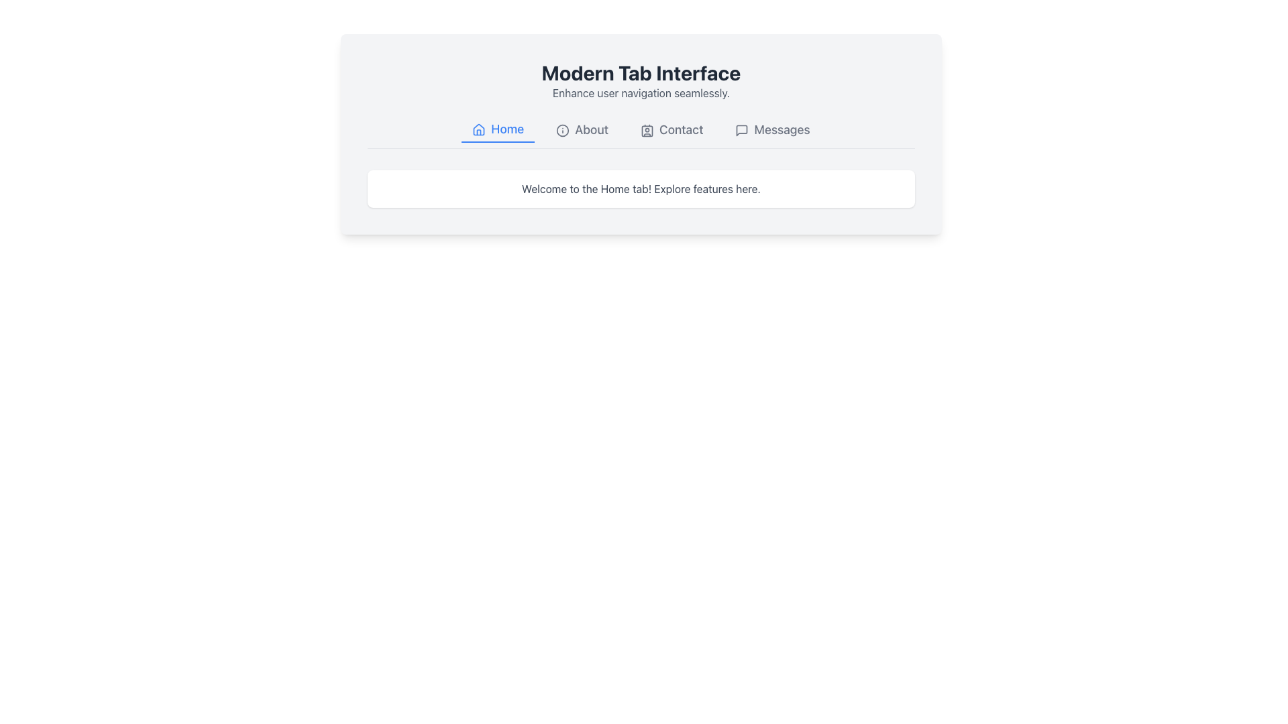 The height and width of the screenshot is (724, 1288). I want to click on the sleek, minimalistic gray speech bubble-shaped icon located immediately to the left of the 'Messages' text in the navigation bar, so click(741, 131).